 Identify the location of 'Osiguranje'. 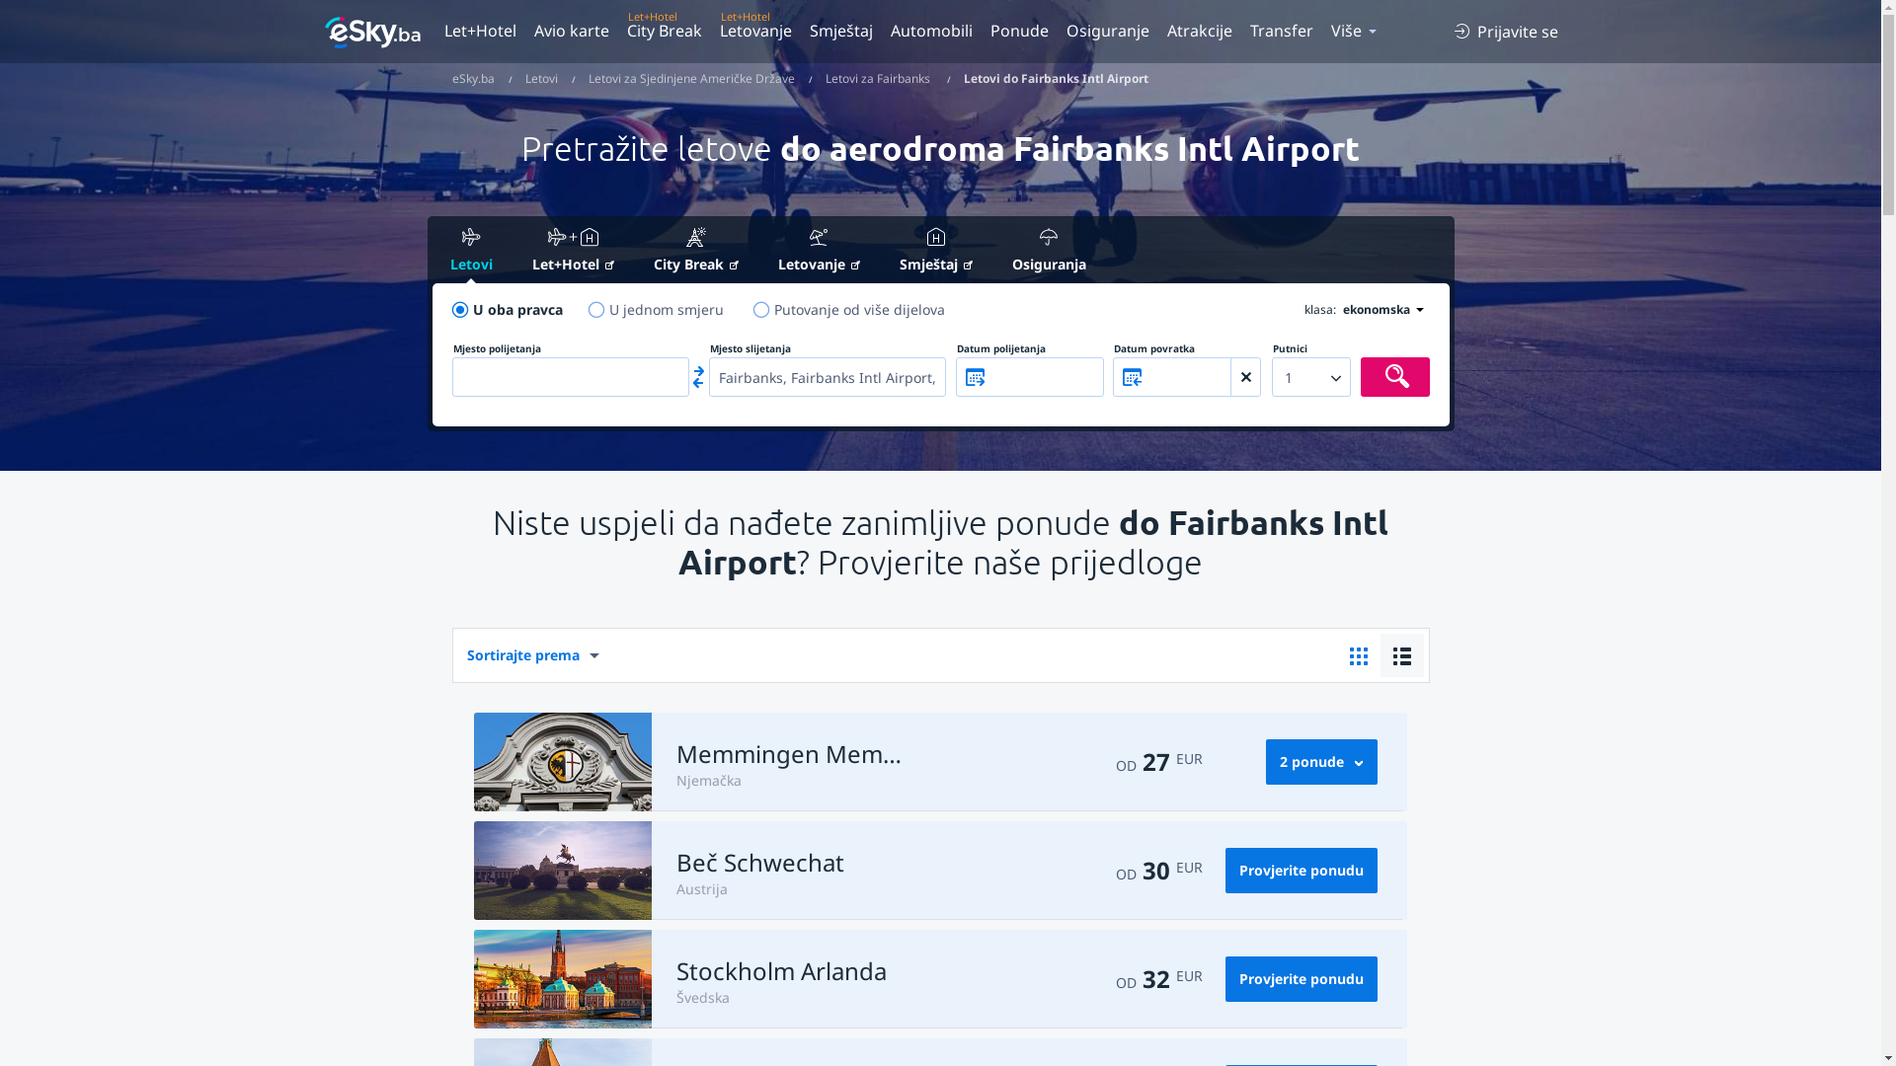
(1107, 30).